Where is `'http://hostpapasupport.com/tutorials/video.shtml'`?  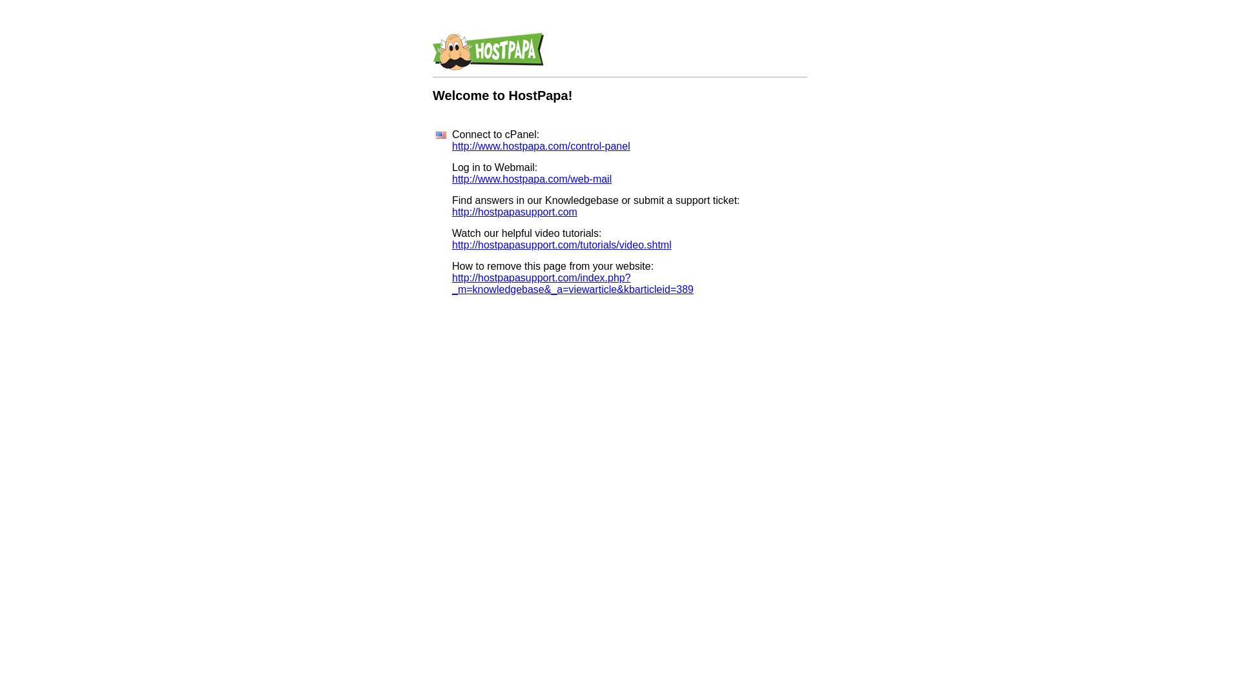 'http://hostpapasupport.com/tutorials/video.shtml' is located at coordinates (561, 245).